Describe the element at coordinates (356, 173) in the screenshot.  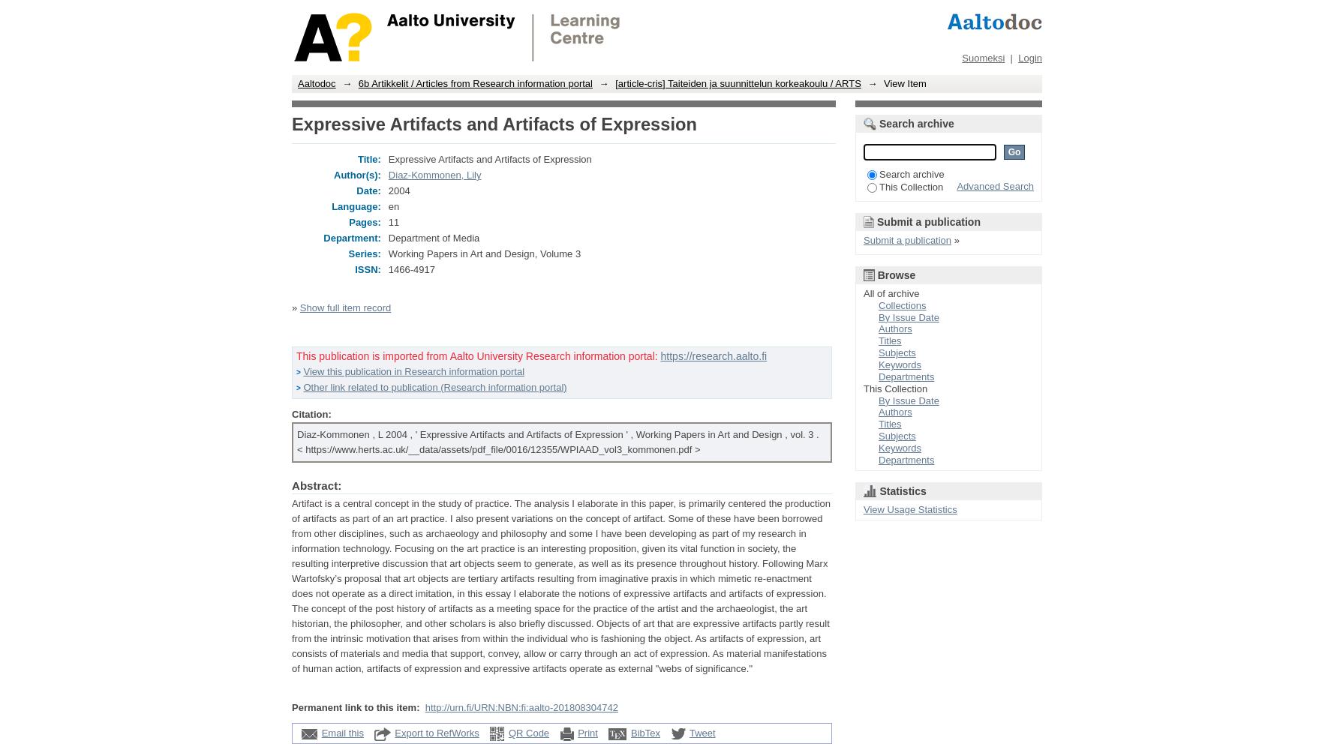
I see `'Author(s):'` at that location.